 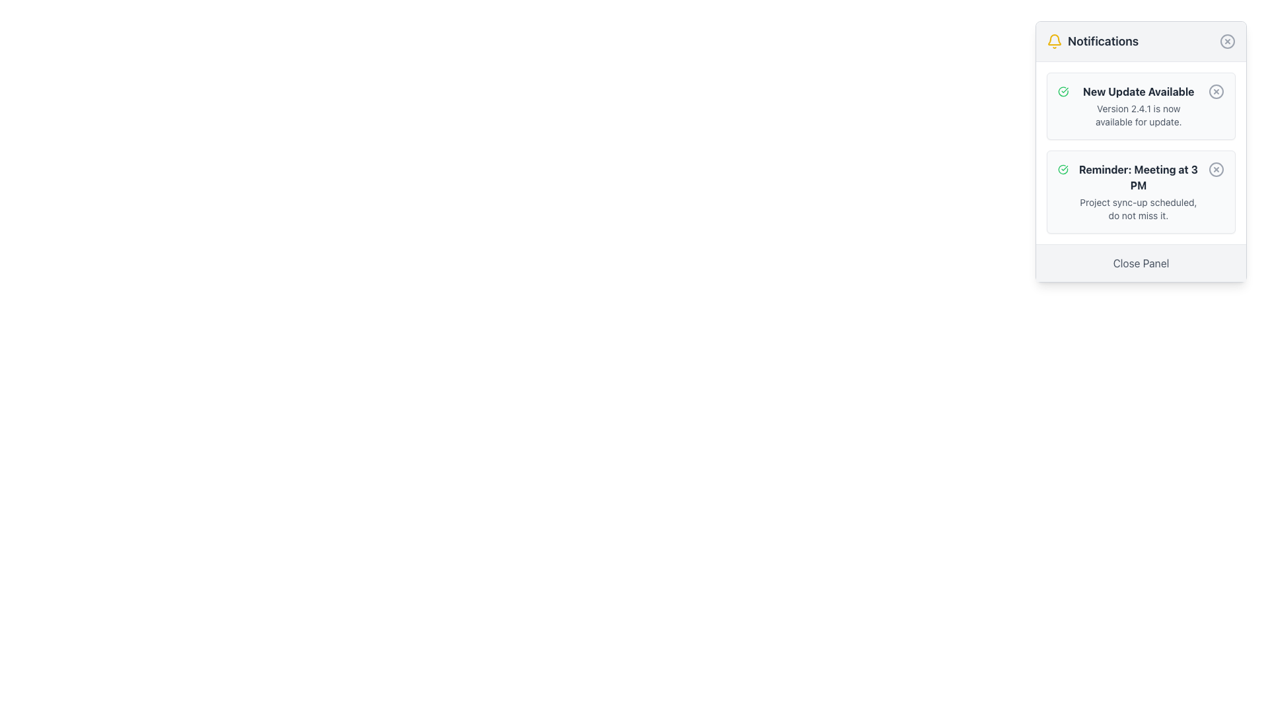 What do you see at coordinates (1226, 40) in the screenshot?
I see `the circular close button in the top-right corner of the notifications panel, which is part of an SVG icon with a gray border` at bounding box center [1226, 40].